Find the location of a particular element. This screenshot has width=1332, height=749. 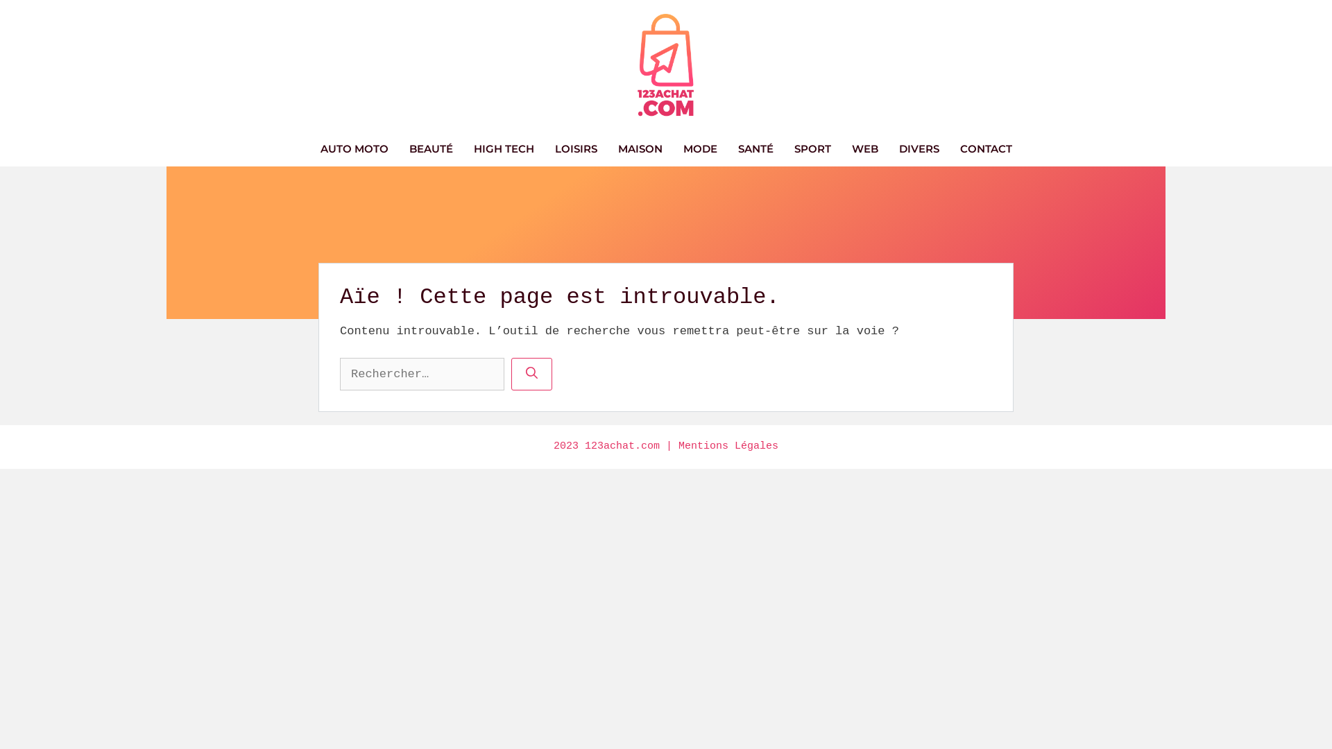

'SPORT' is located at coordinates (812, 149).